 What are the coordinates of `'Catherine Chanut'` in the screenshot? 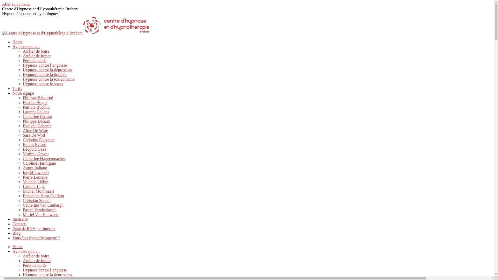 It's located at (37, 116).